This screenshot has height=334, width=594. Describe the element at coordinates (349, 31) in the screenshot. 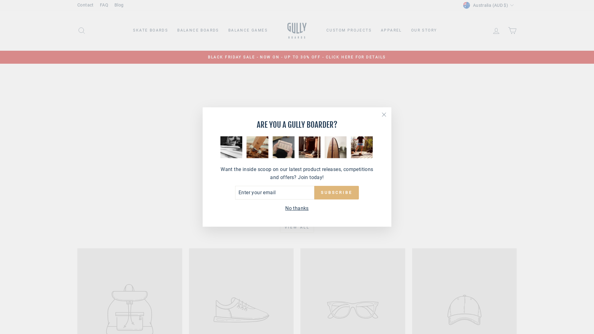

I see `'CUSTOM PROJECTS'` at that location.